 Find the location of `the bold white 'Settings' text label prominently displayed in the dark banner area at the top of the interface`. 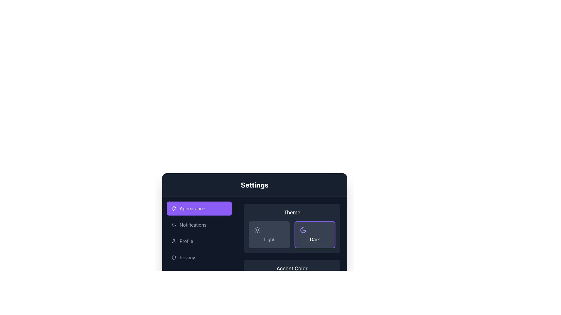

the bold white 'Settings' text label prominently displayed in the dark banner area at the top of the interface is located at coordinates (254, 185).